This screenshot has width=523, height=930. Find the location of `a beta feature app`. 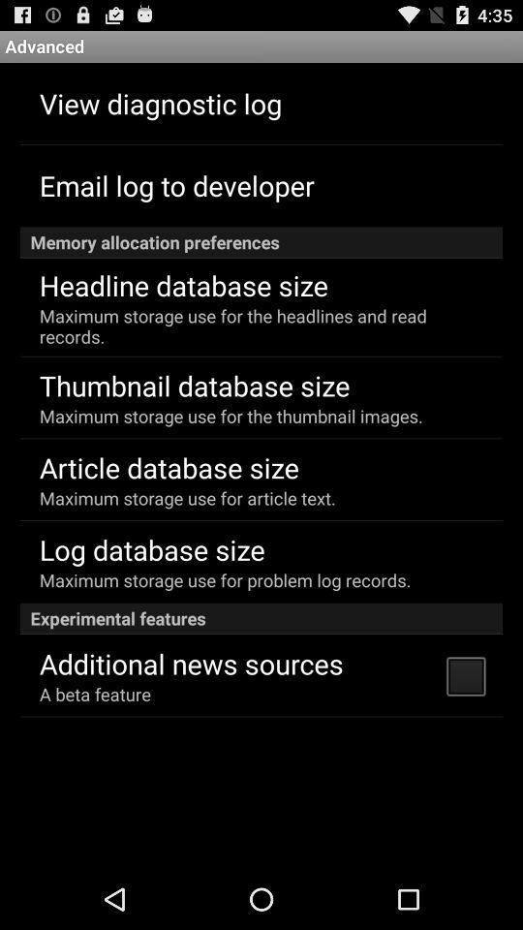

a beta feature app is located at coordinates (94, 694).